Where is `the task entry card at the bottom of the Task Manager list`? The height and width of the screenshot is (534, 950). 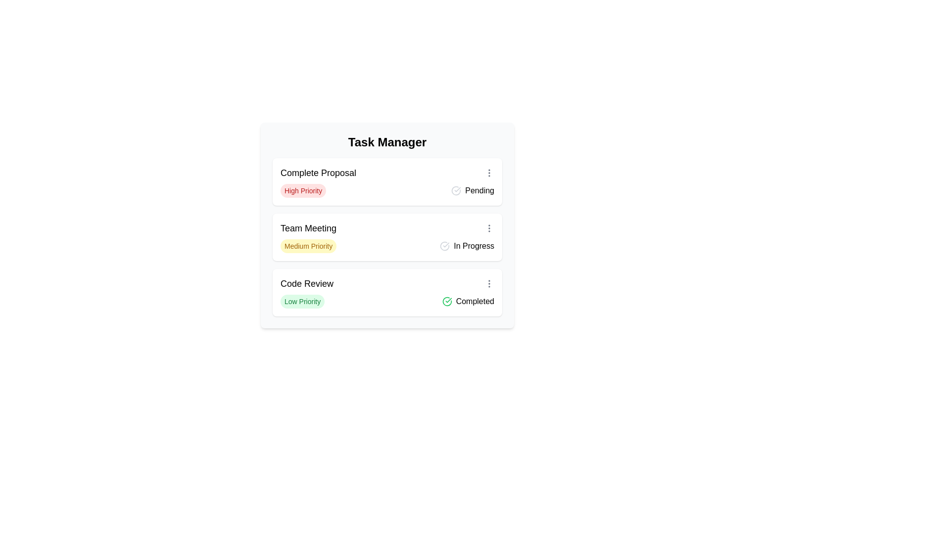
the task entry card at the bottom of the Task Manager list is located at coordinates (386, 292).